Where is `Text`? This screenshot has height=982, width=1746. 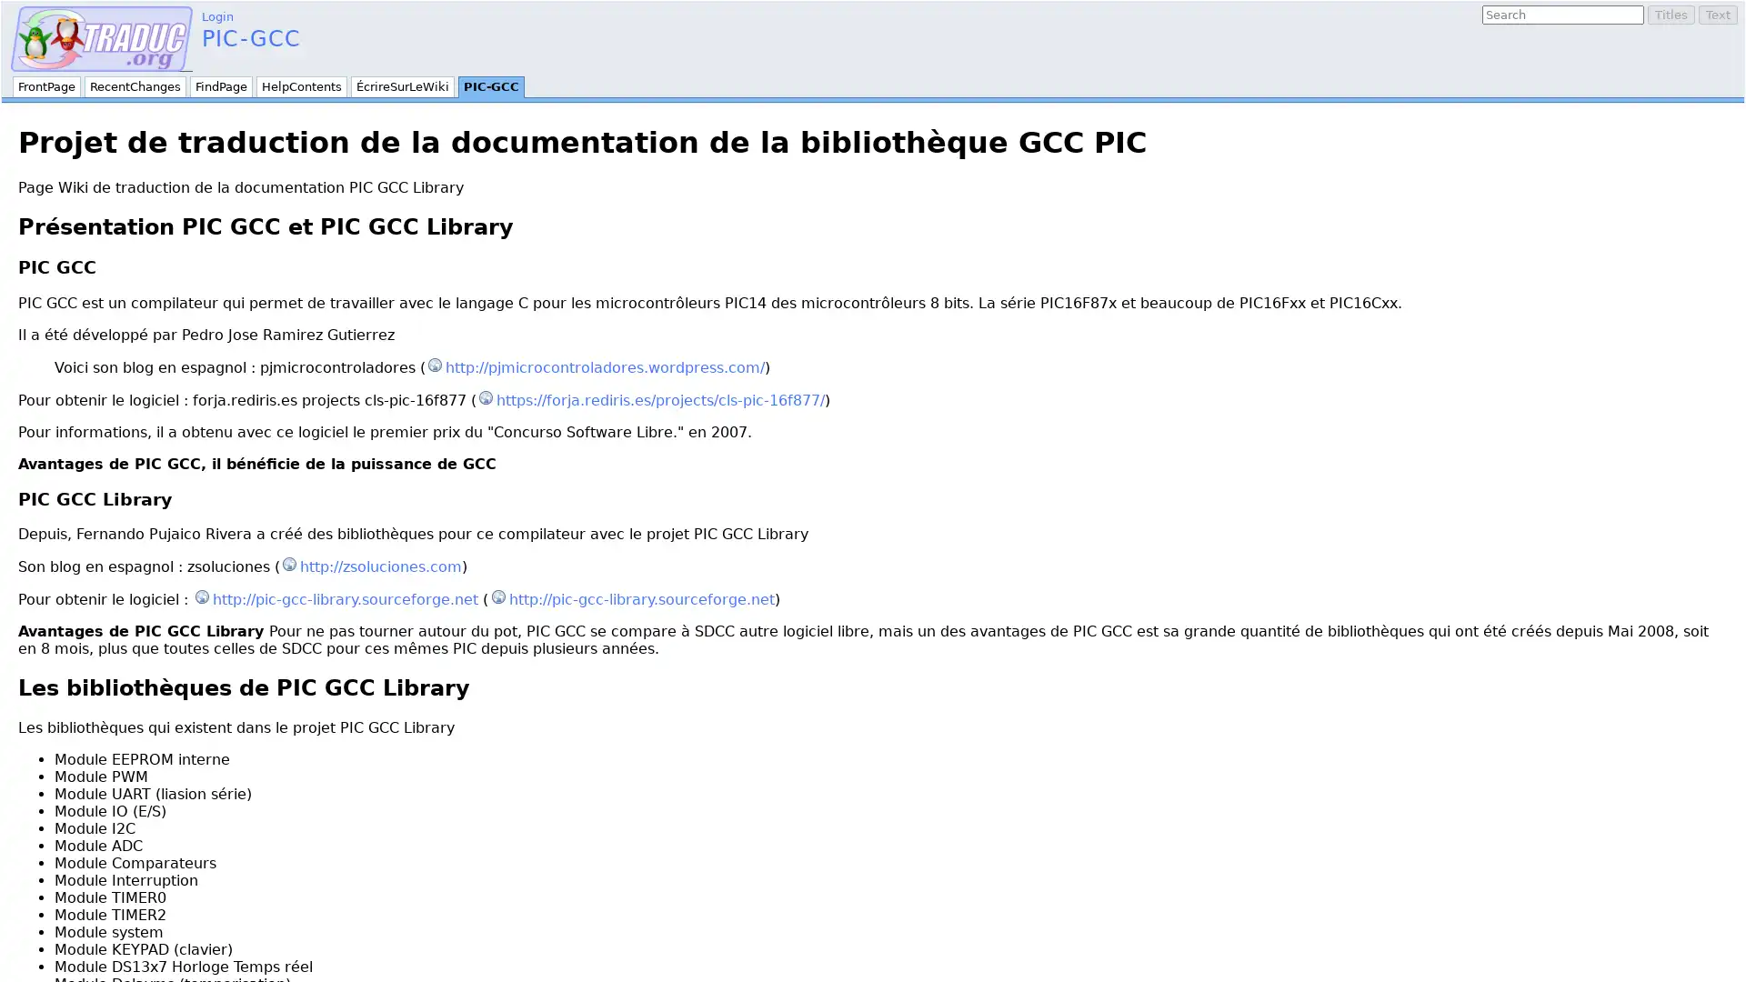
Text is located at coordinates (1717, 15).